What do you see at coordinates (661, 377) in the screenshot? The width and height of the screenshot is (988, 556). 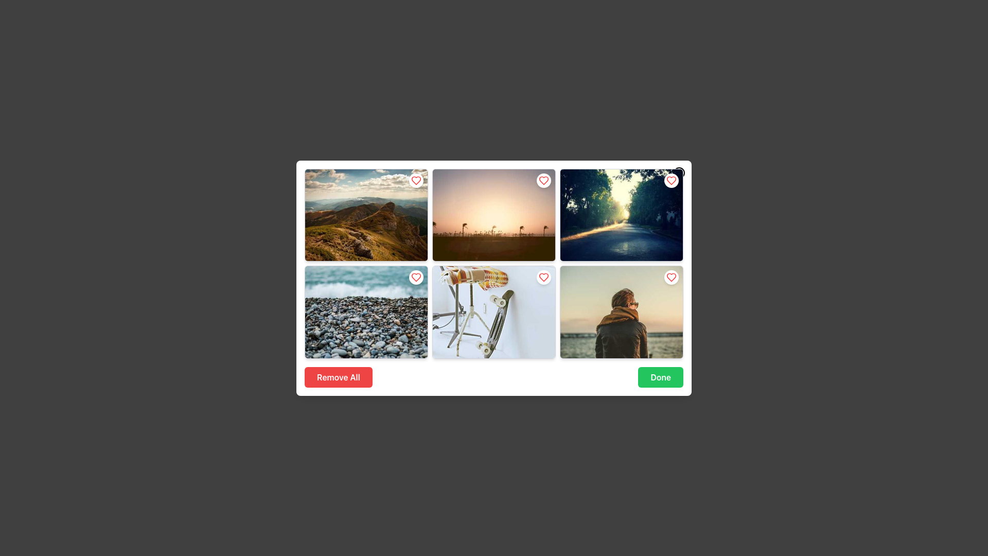 I see `the green 'Done' button with white text` at bounding box center [661, 377].